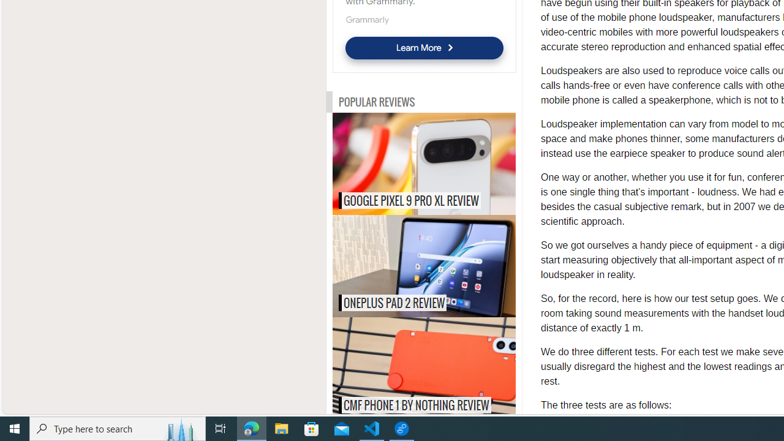 The width and height of the screenshot is (784, 441). I want to click on 'CMF Phone 1 by Nothing review', so click(449, 367).